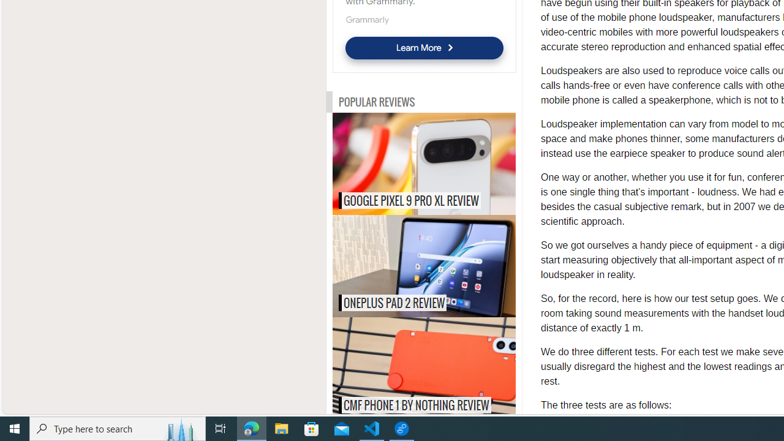 The width and height of the screenshot is (784, 441). I want to click on 'CMF Phone 1 by Nothing review', so click(449, 367).